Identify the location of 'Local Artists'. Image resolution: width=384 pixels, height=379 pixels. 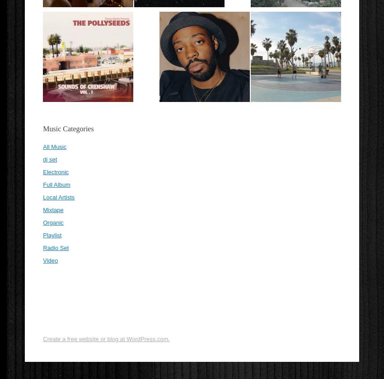
(58, 197).